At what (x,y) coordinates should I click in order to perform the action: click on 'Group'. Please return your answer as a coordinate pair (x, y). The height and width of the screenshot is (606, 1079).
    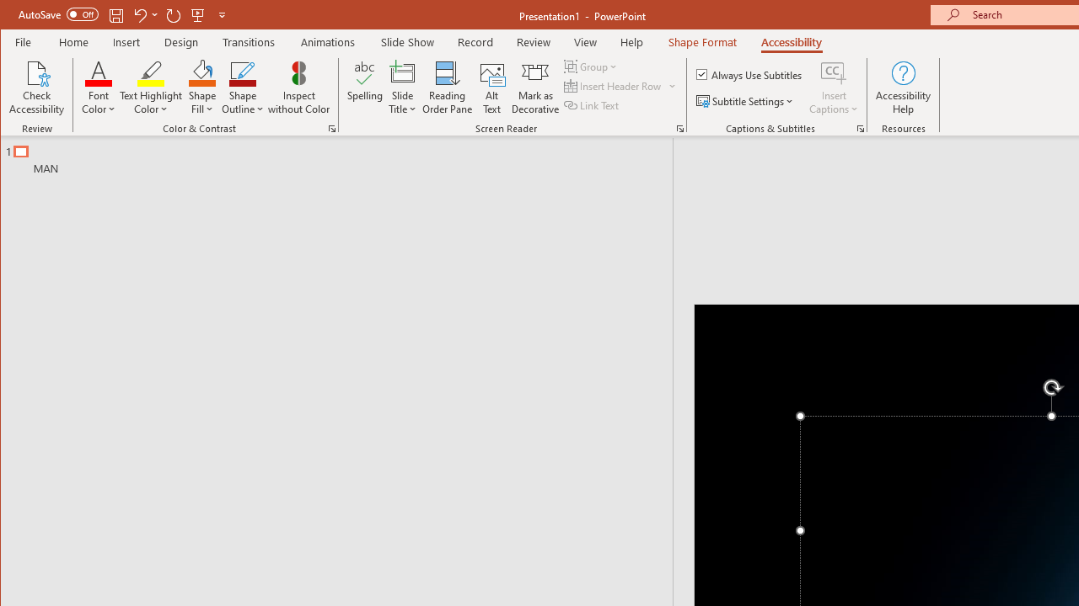
    Looking at the image, I should click on (592, 66).